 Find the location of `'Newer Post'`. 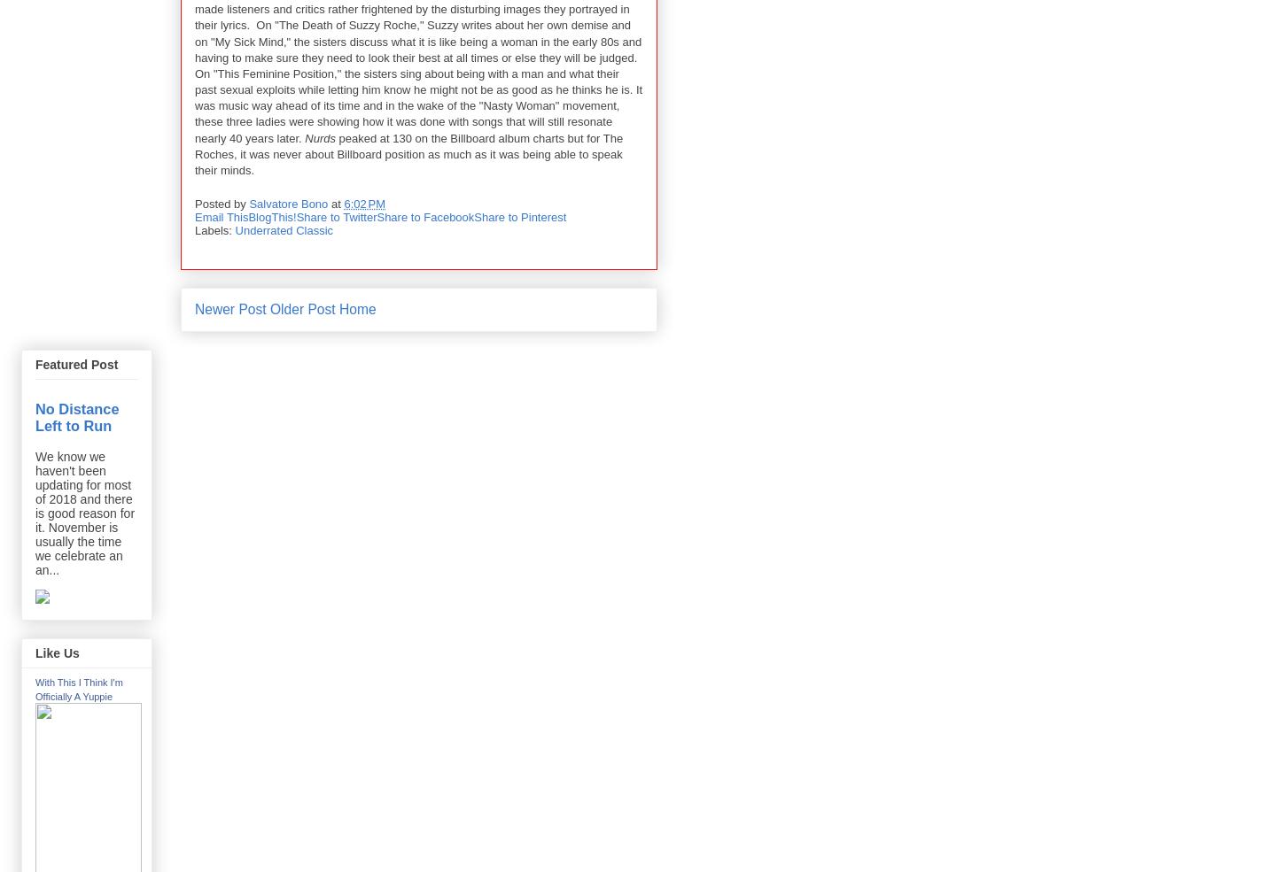

'Newer Post' is located at coordinates (230, 308).